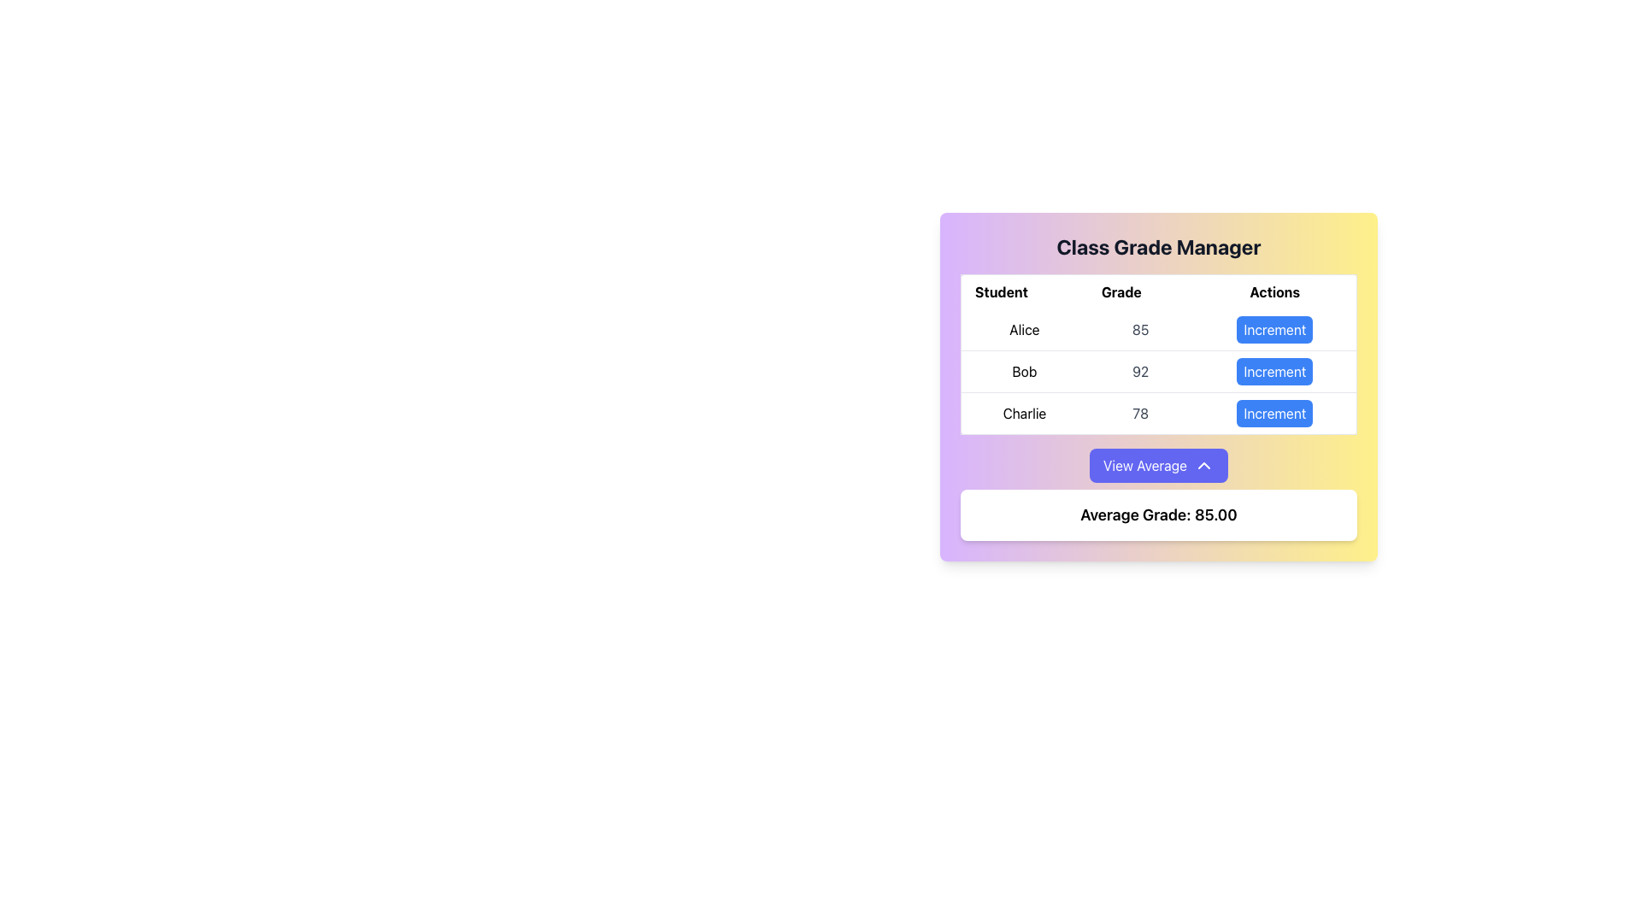 This screenshot has width=1641, height=923. Describe the element at coordinates (1140, 413) in the screenshot. I see `the text label displaying the number '78' in bold gray font, located in the third row of the 'Class Grade Manager' table under the 'Grade' column, between 'Charlie' and the 'Actions' column` at that location.